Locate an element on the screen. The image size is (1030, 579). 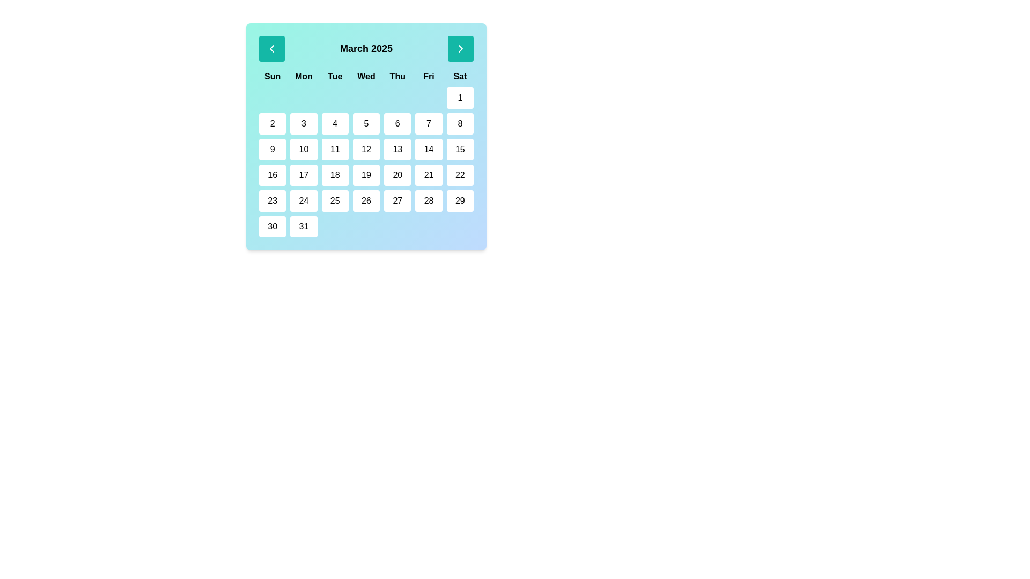
the square button labeled '4' located in the second row, fourth column of the calendar, directly below 'Tue', to observe its state change from white to teal is located at coordinates (334, 123).